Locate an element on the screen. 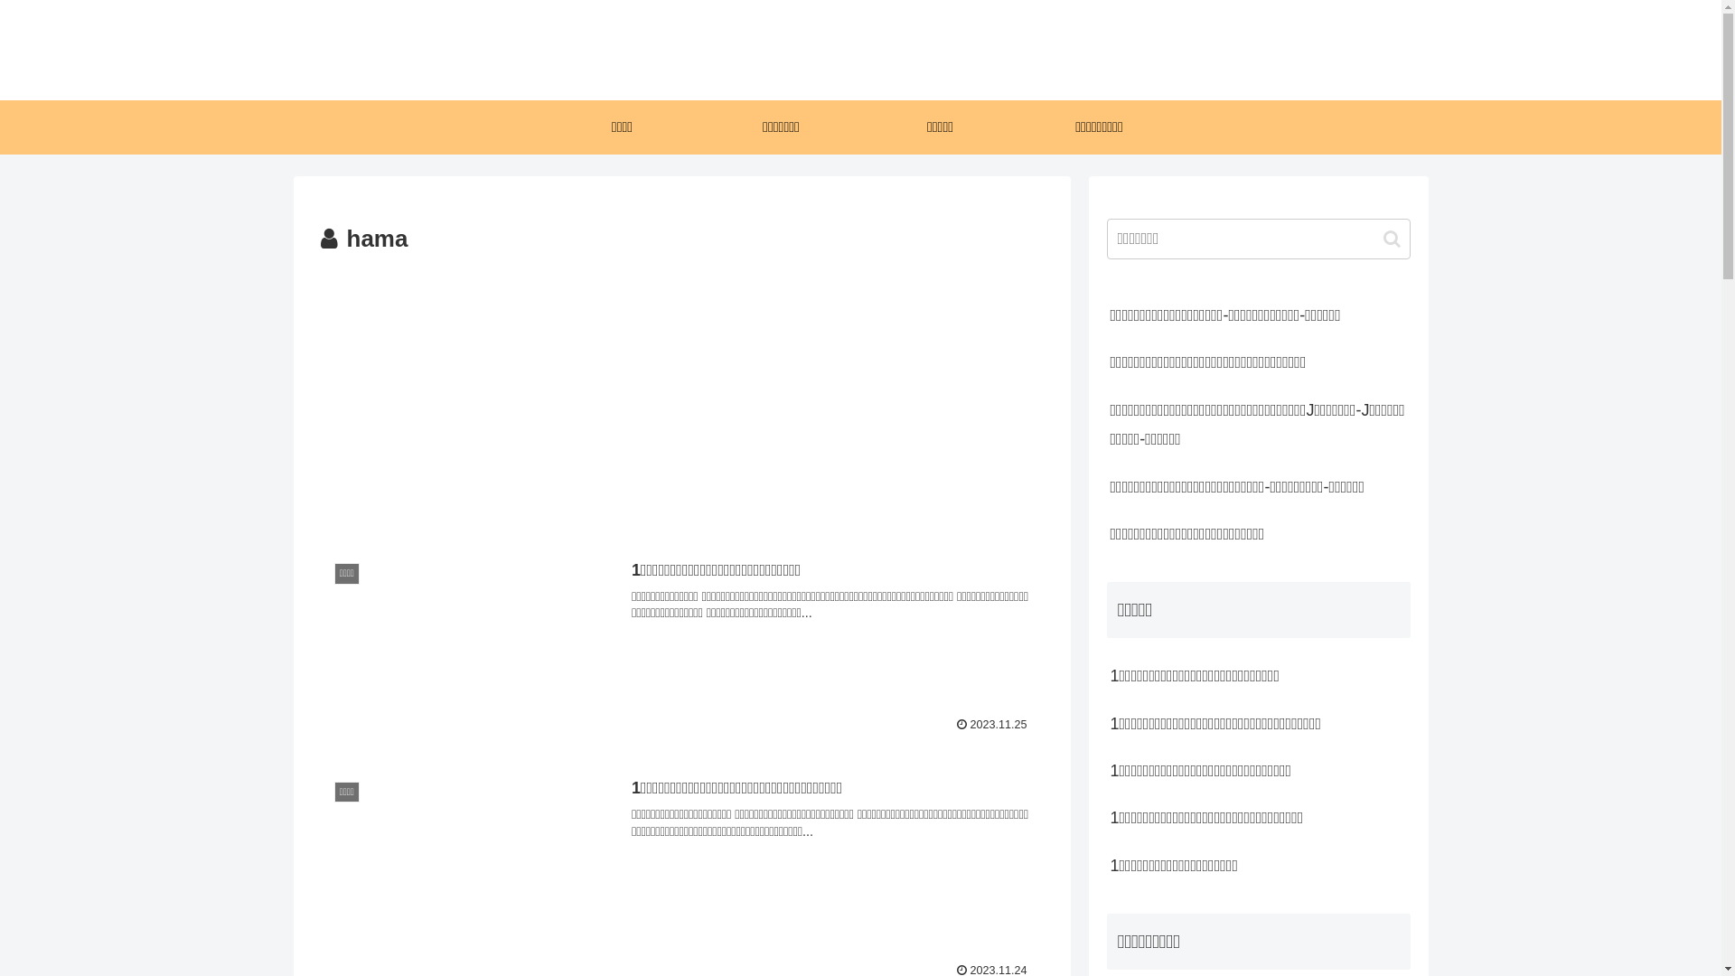 The width and height of the screenshot is (1735, 976). 'Advertisement' is located at coordinates (680, 395).